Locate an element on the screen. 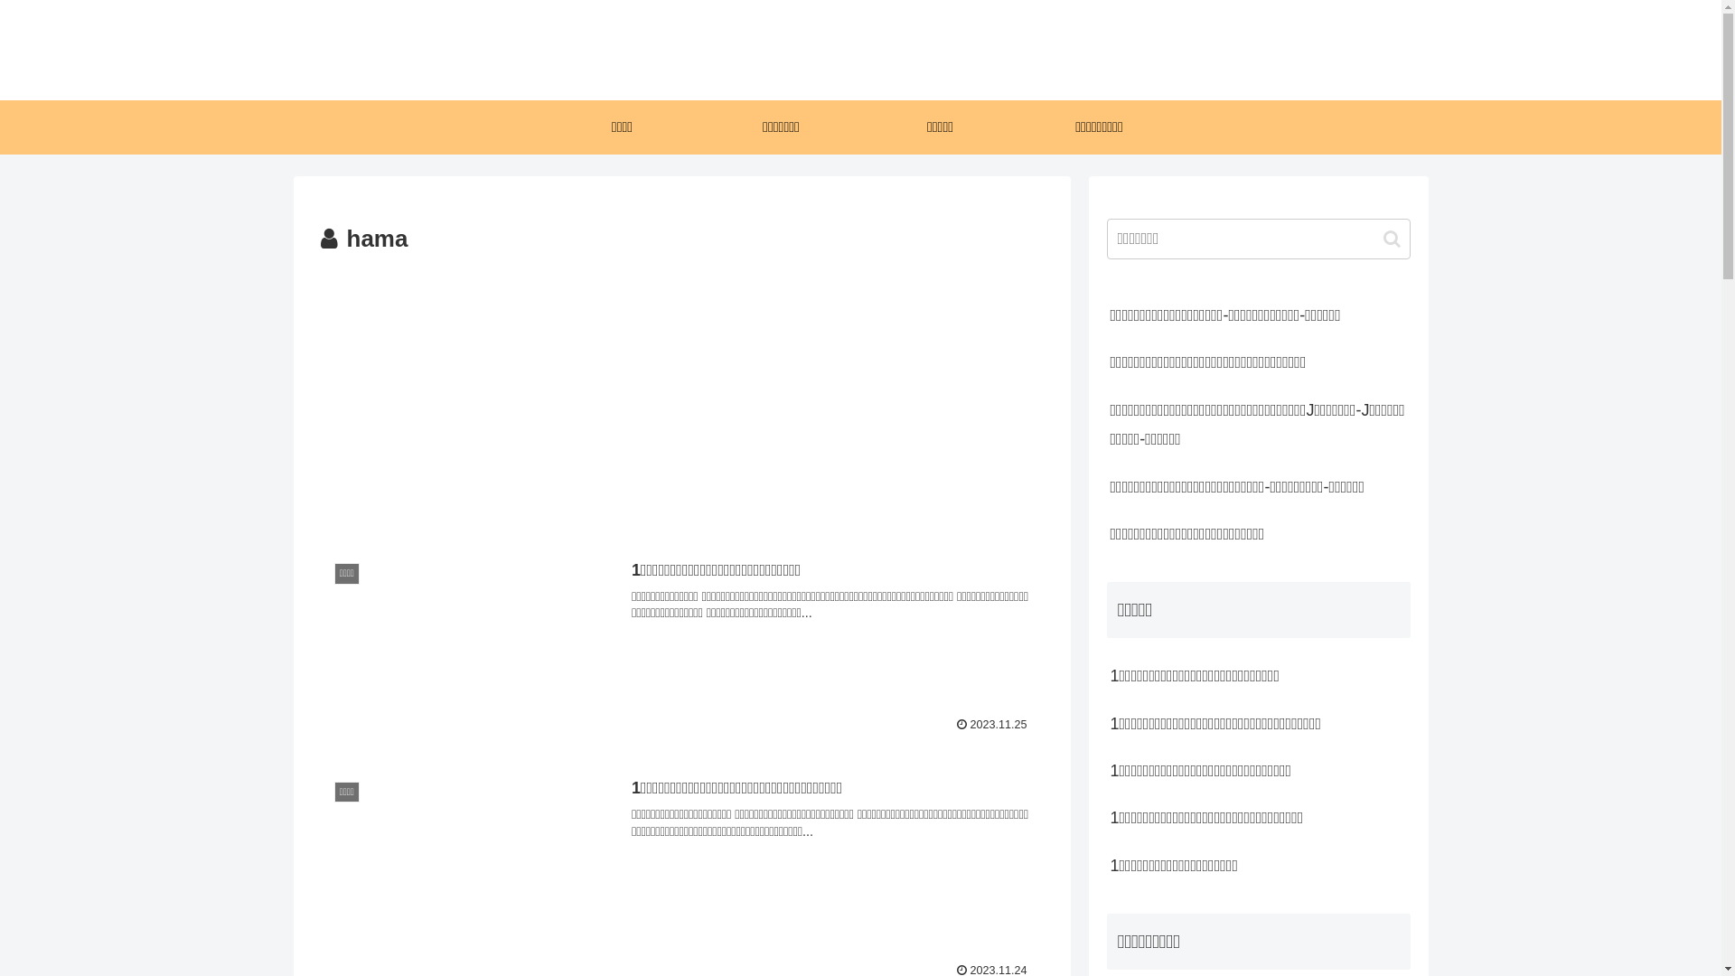 The width and height of the screenshot is (1735, 976). 'Advertisement' is located at coordinates (680, 395).